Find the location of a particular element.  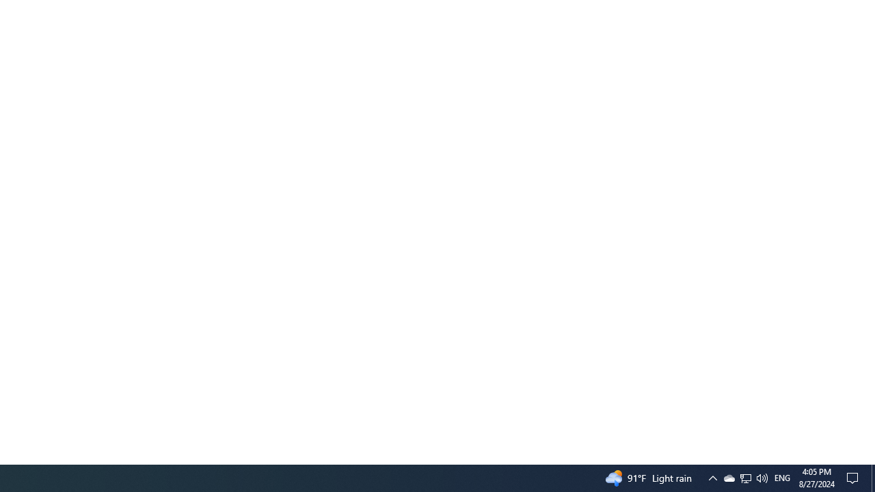

'Q2790: 100%' is located at coordinates (745, 477).